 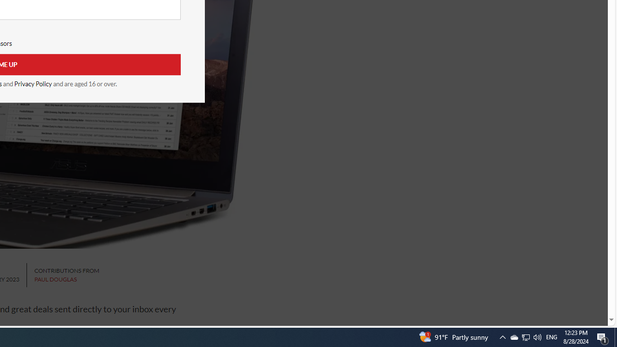 What do you see at coordinates (33, 83) in the screenshot?
I see `'Privacy Policy'` at bounding box center [33, 83].